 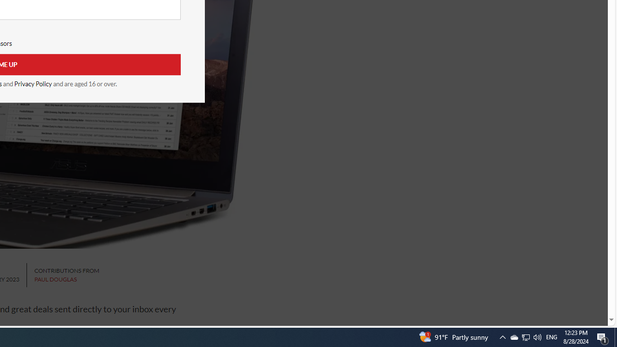 What do you see at coordinates (33, 83) in the screenshot?
I see `'Privacy Policy'` at bounding box center [33, 83].